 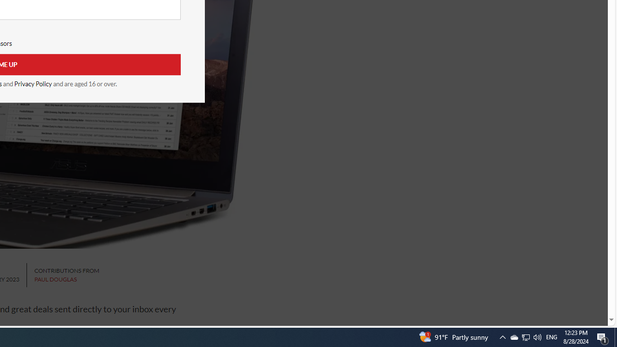 What do you see at coordinates (33, 83) in the screenshot?
I see `'Privacy Policy'` at bounding box center [33, 83].